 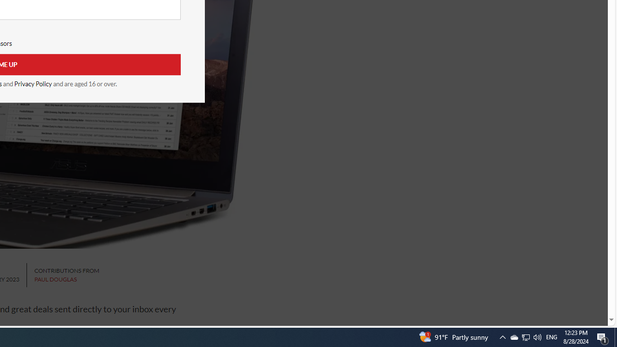 What do you see at coordinates (33, 83) in the screenshot?
I see `'Privacy Policy'` at bounding box center [33, 83].